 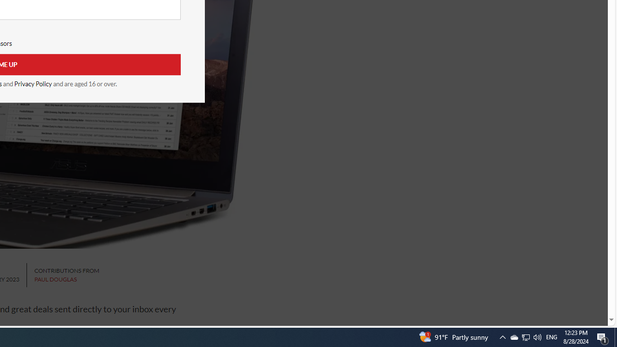 What do you see at coordinates (33, 83) in the screenshot?
I see `'Privacy Policy'` at bounding box center [33, 83].